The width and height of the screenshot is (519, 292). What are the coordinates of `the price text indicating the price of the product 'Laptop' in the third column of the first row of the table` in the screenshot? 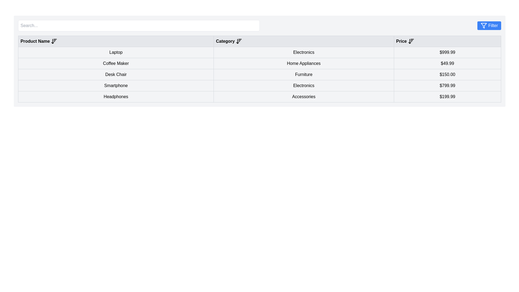 It's located at (447, 52).